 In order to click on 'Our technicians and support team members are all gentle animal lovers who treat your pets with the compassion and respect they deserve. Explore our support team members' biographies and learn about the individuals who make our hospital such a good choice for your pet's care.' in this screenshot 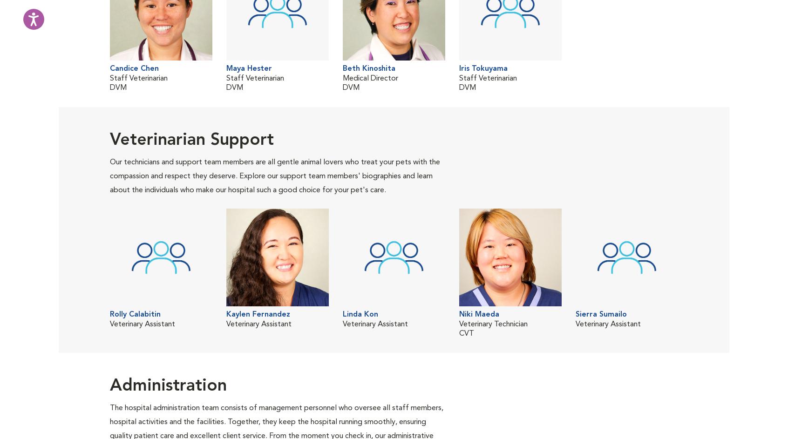, I will do `click(274, 176)`.